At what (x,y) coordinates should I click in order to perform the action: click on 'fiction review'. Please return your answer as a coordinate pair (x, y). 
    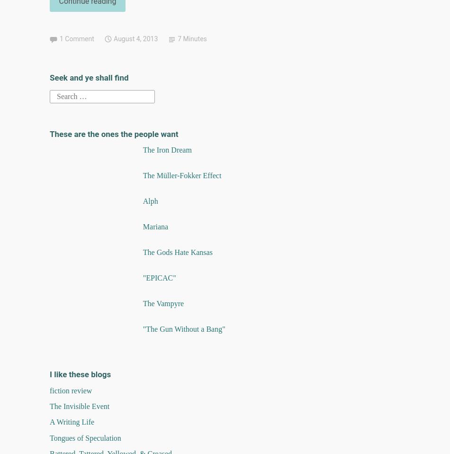
    Looking at the image, I should click on (71, 390).